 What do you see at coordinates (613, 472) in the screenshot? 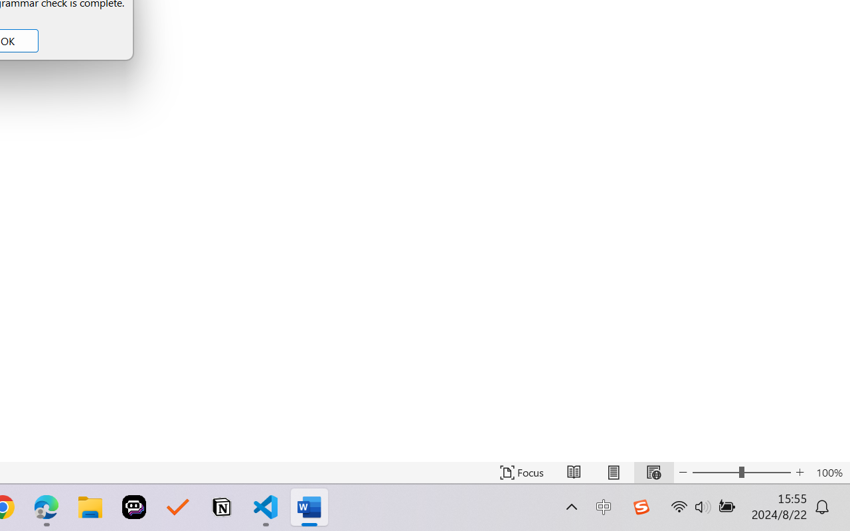
I see `'Print Layout'` at bounding box center [613, 472].